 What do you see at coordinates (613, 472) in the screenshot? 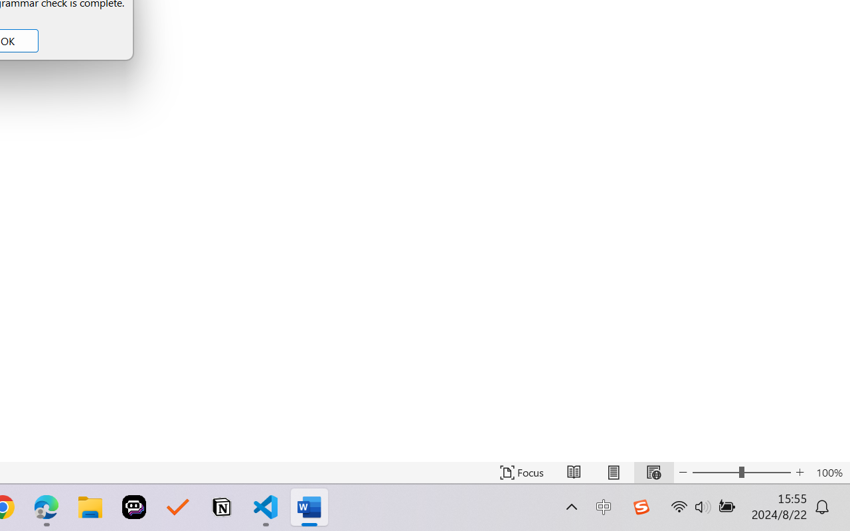
I see `'Print Layout'` at bounding box center [613, 472].